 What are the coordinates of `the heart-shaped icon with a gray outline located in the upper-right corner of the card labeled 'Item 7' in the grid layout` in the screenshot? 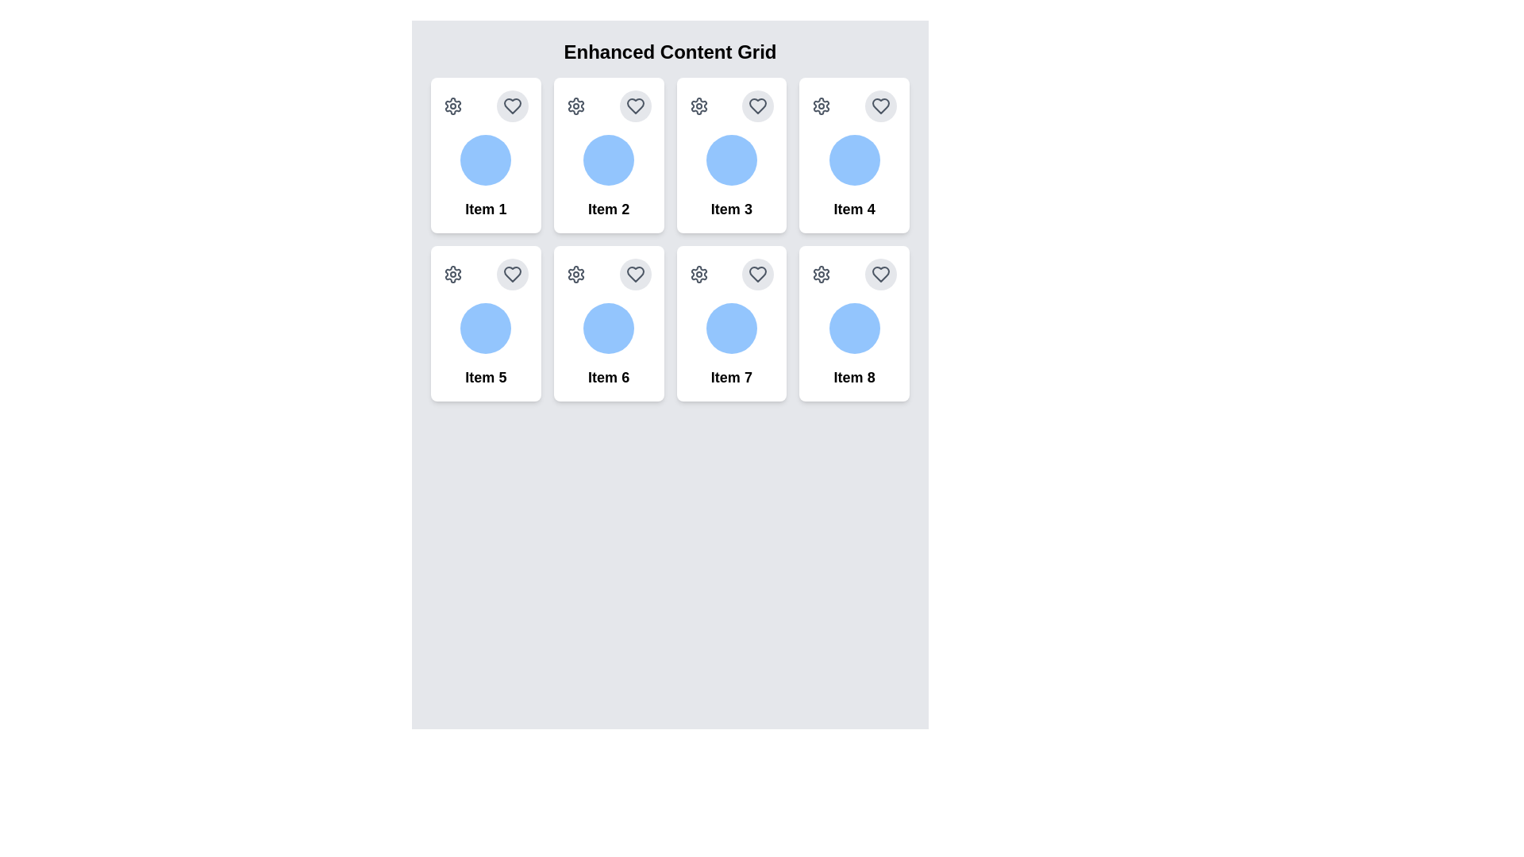 It's located at (757, 274).